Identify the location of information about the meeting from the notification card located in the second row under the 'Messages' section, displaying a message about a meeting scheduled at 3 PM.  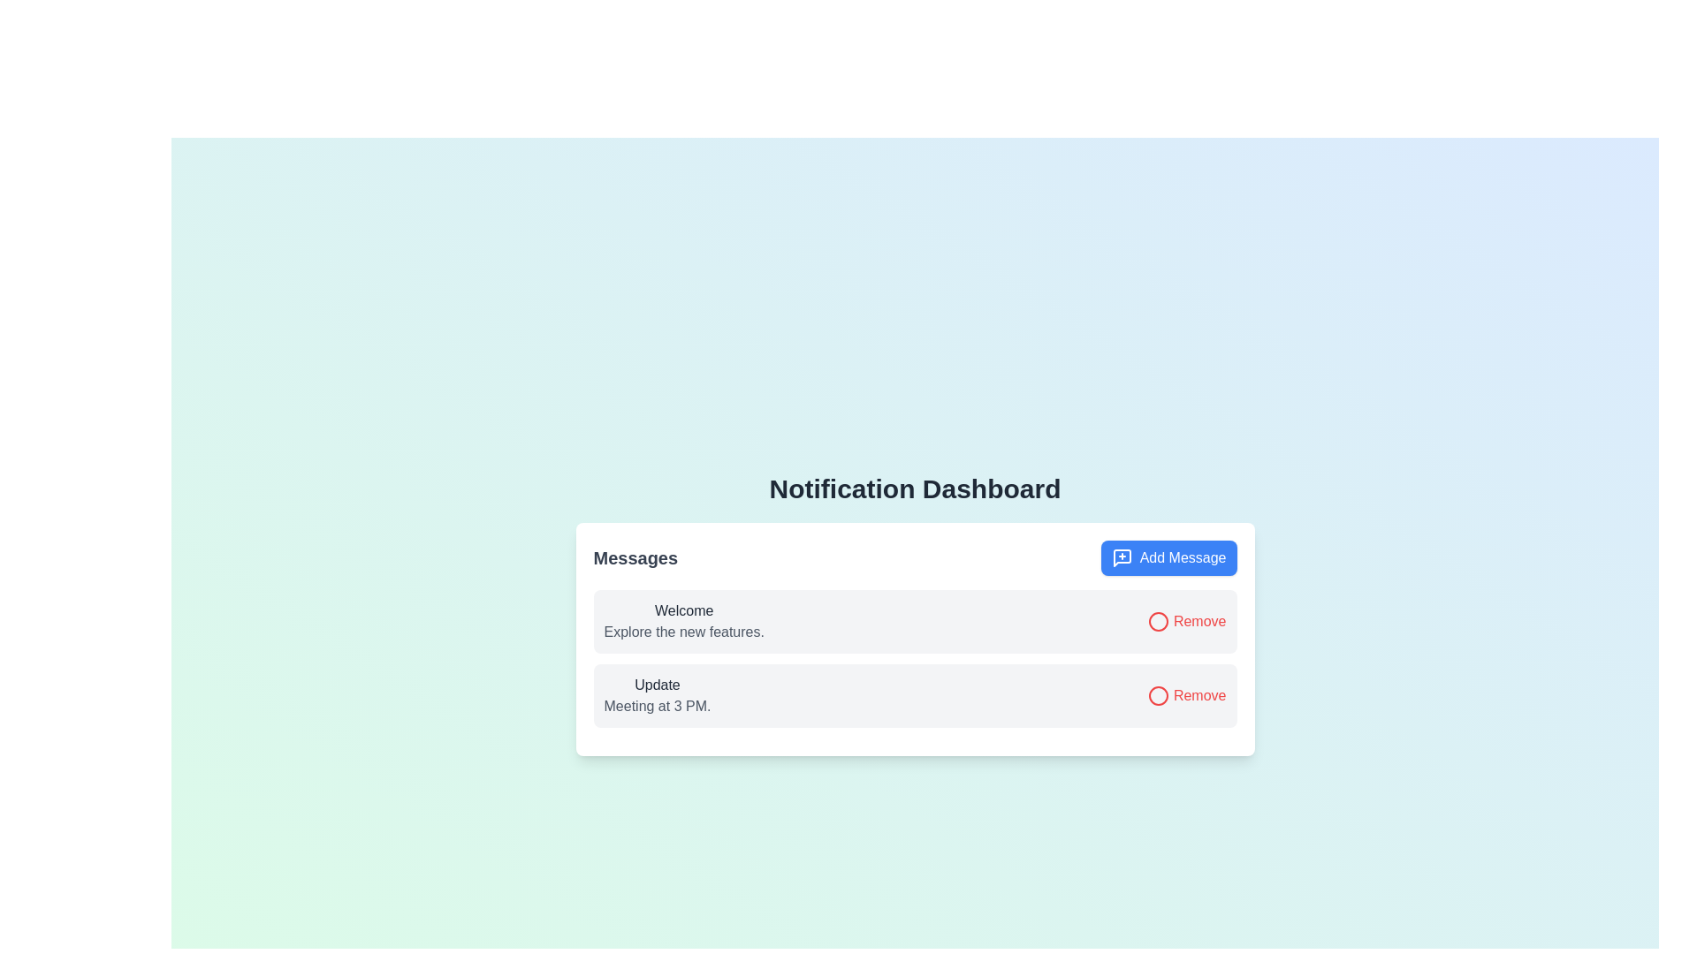
(915, 694).